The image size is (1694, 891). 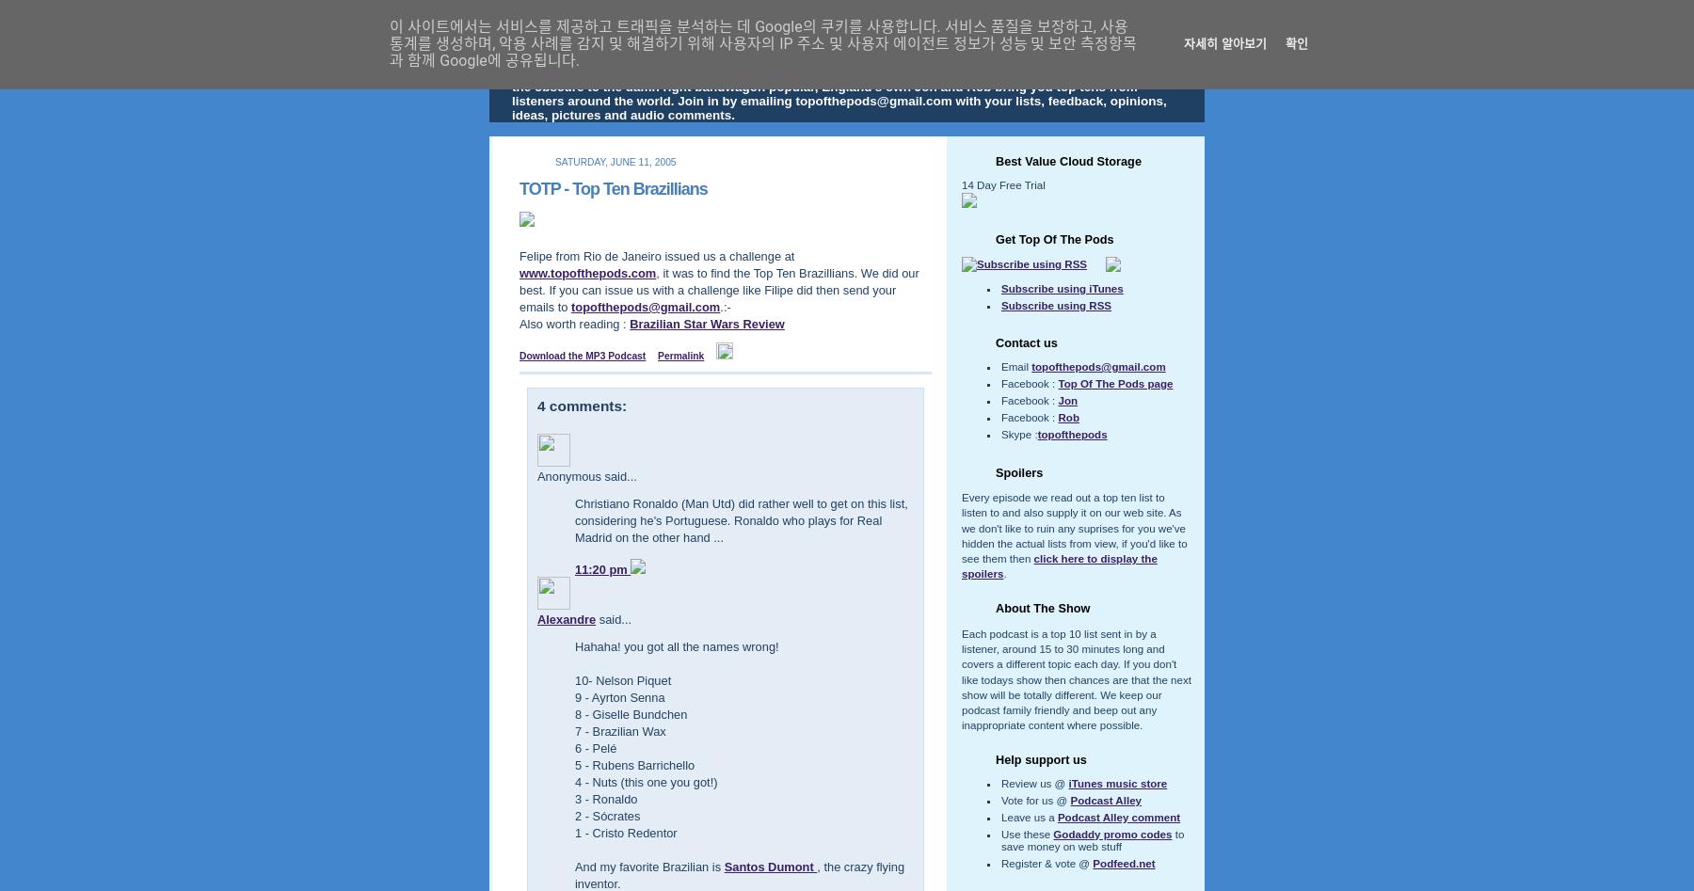 I want to click on 'Christiano Ronaldo (Man Utd) did rather well to get on this list,  considering he's Portuguese.  Ronaldo who plays for Real Madrid on the other hand ...', so click(x=574, y=519).